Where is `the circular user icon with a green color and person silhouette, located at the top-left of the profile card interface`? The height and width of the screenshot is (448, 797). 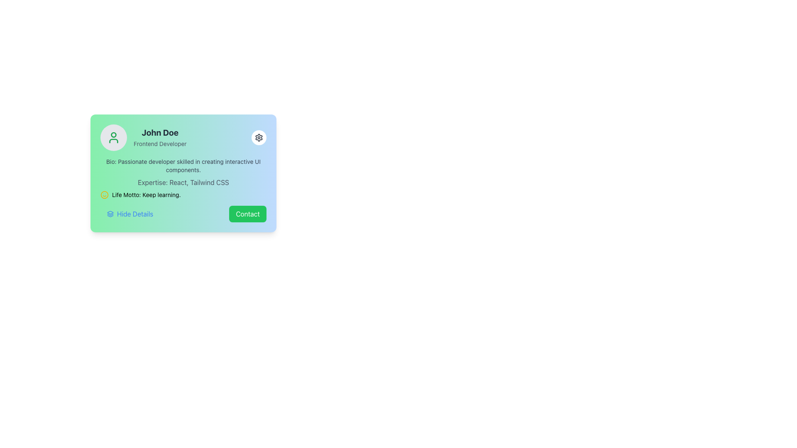 the circular user icon with a green color and person silhouette, located at the top-left of the profile card interface is located at coordinates (113, 137).